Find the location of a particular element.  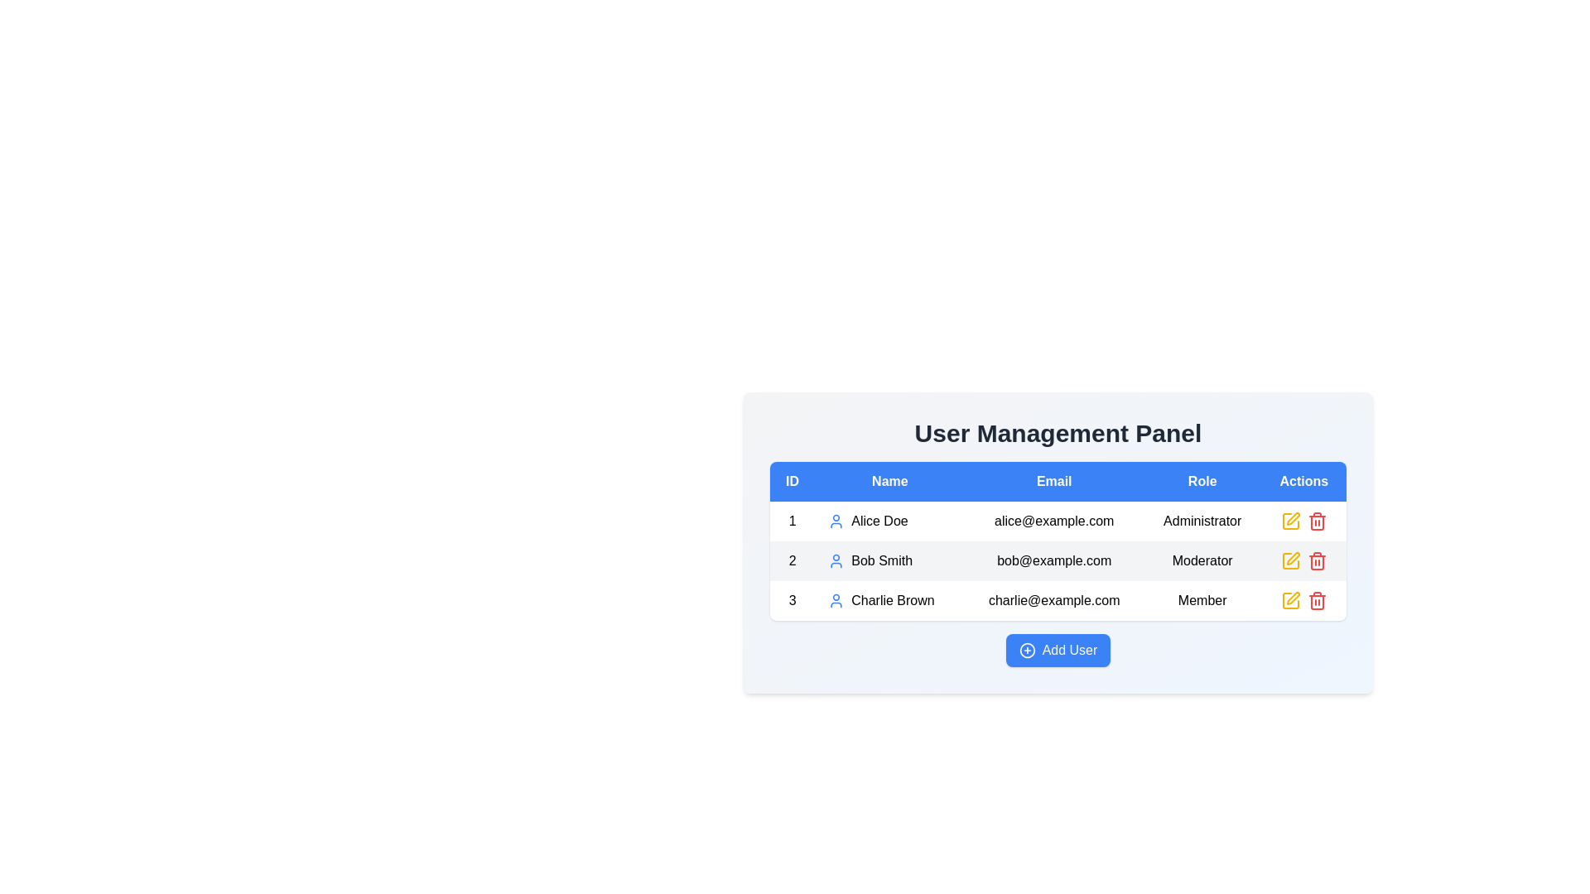

the editing icon represented as a pen inside a square located in the 'Actions' column of the 'User Management Panel' table for 'Charlie Brown' to initiate editing is located at coordinates (1292, 598).